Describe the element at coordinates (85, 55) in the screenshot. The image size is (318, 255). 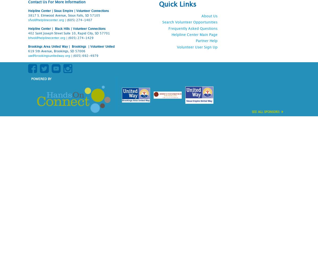
I see `'(605) 692-4979'` at that location.